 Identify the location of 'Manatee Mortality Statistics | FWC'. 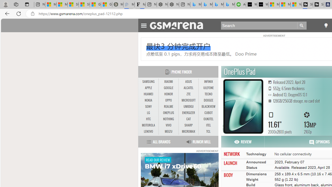
(117, 4).